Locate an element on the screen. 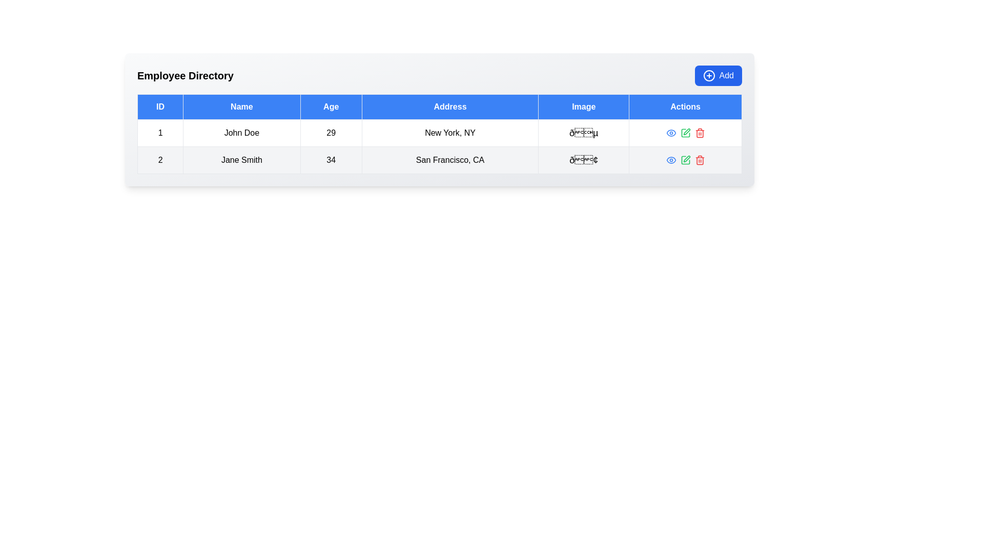 The height and width of the screenshot is (553, 984). the static text cell displaying 'New York, NY' located in the fourth column of the first row under the 'Address' header is located at coordinates (450, 132).